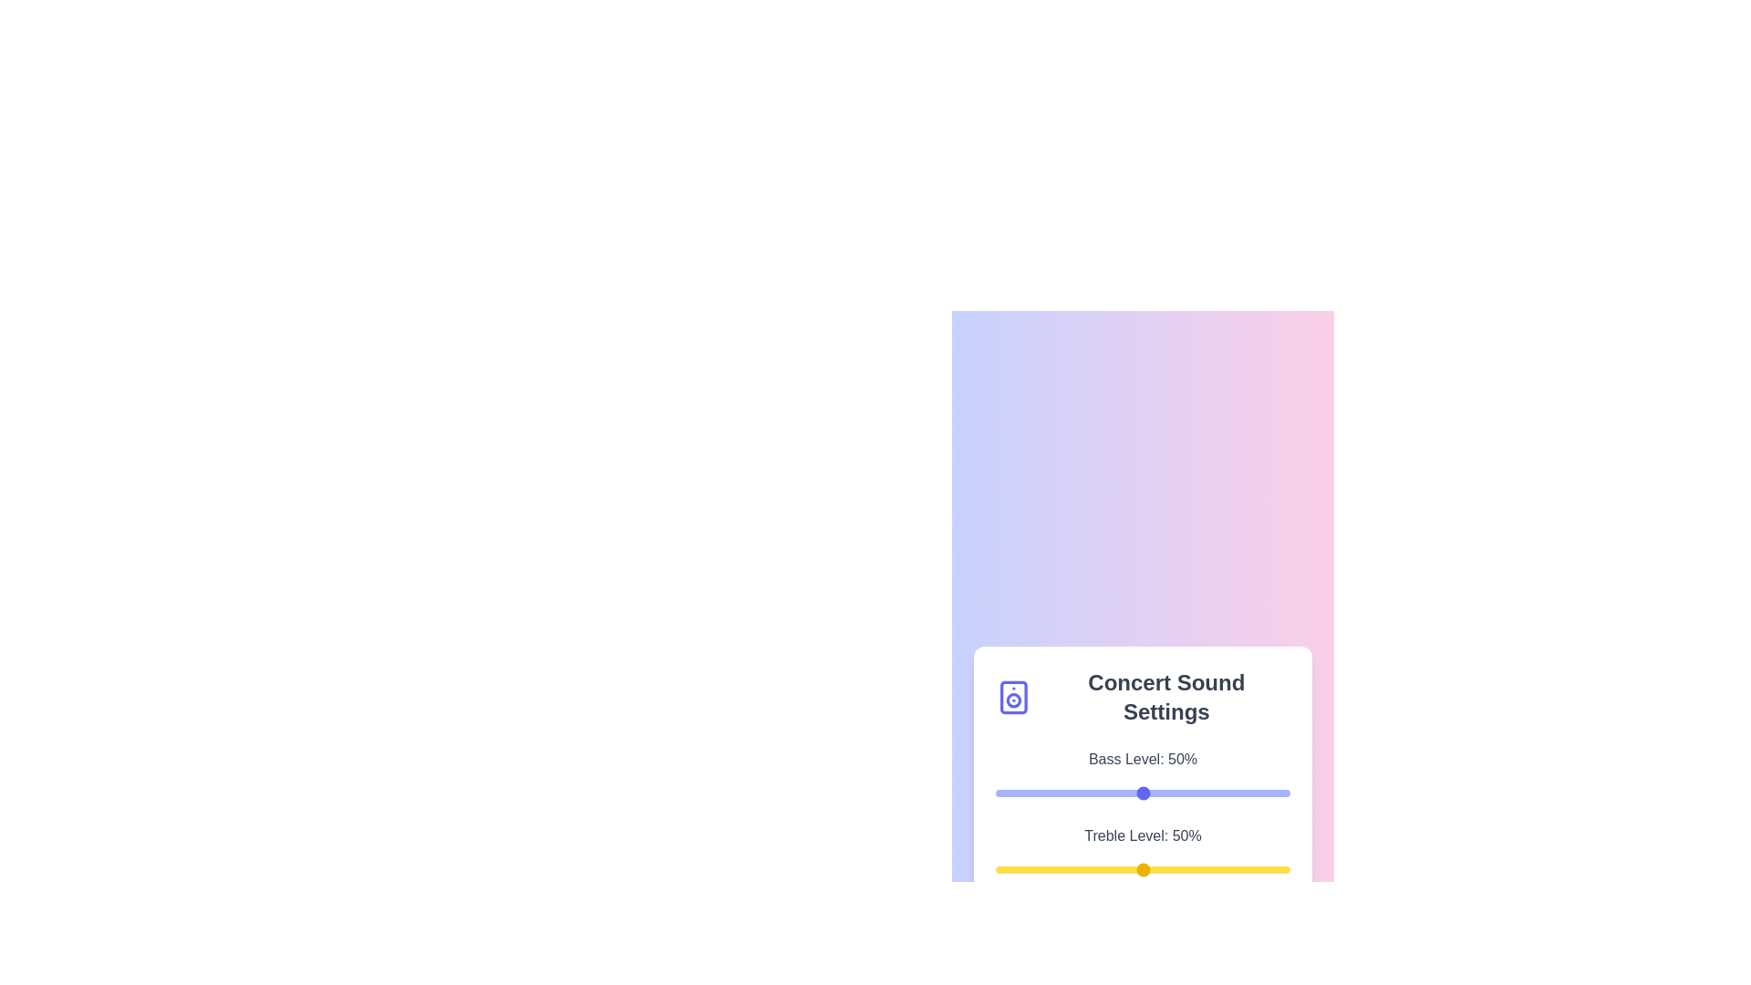 The height and width of the screenshot is (985, 1751). What do you see at coordinates (1010, 793) in the screenshot?
I see `the bass level slider to 5%` at bounding box center [1010, 793].